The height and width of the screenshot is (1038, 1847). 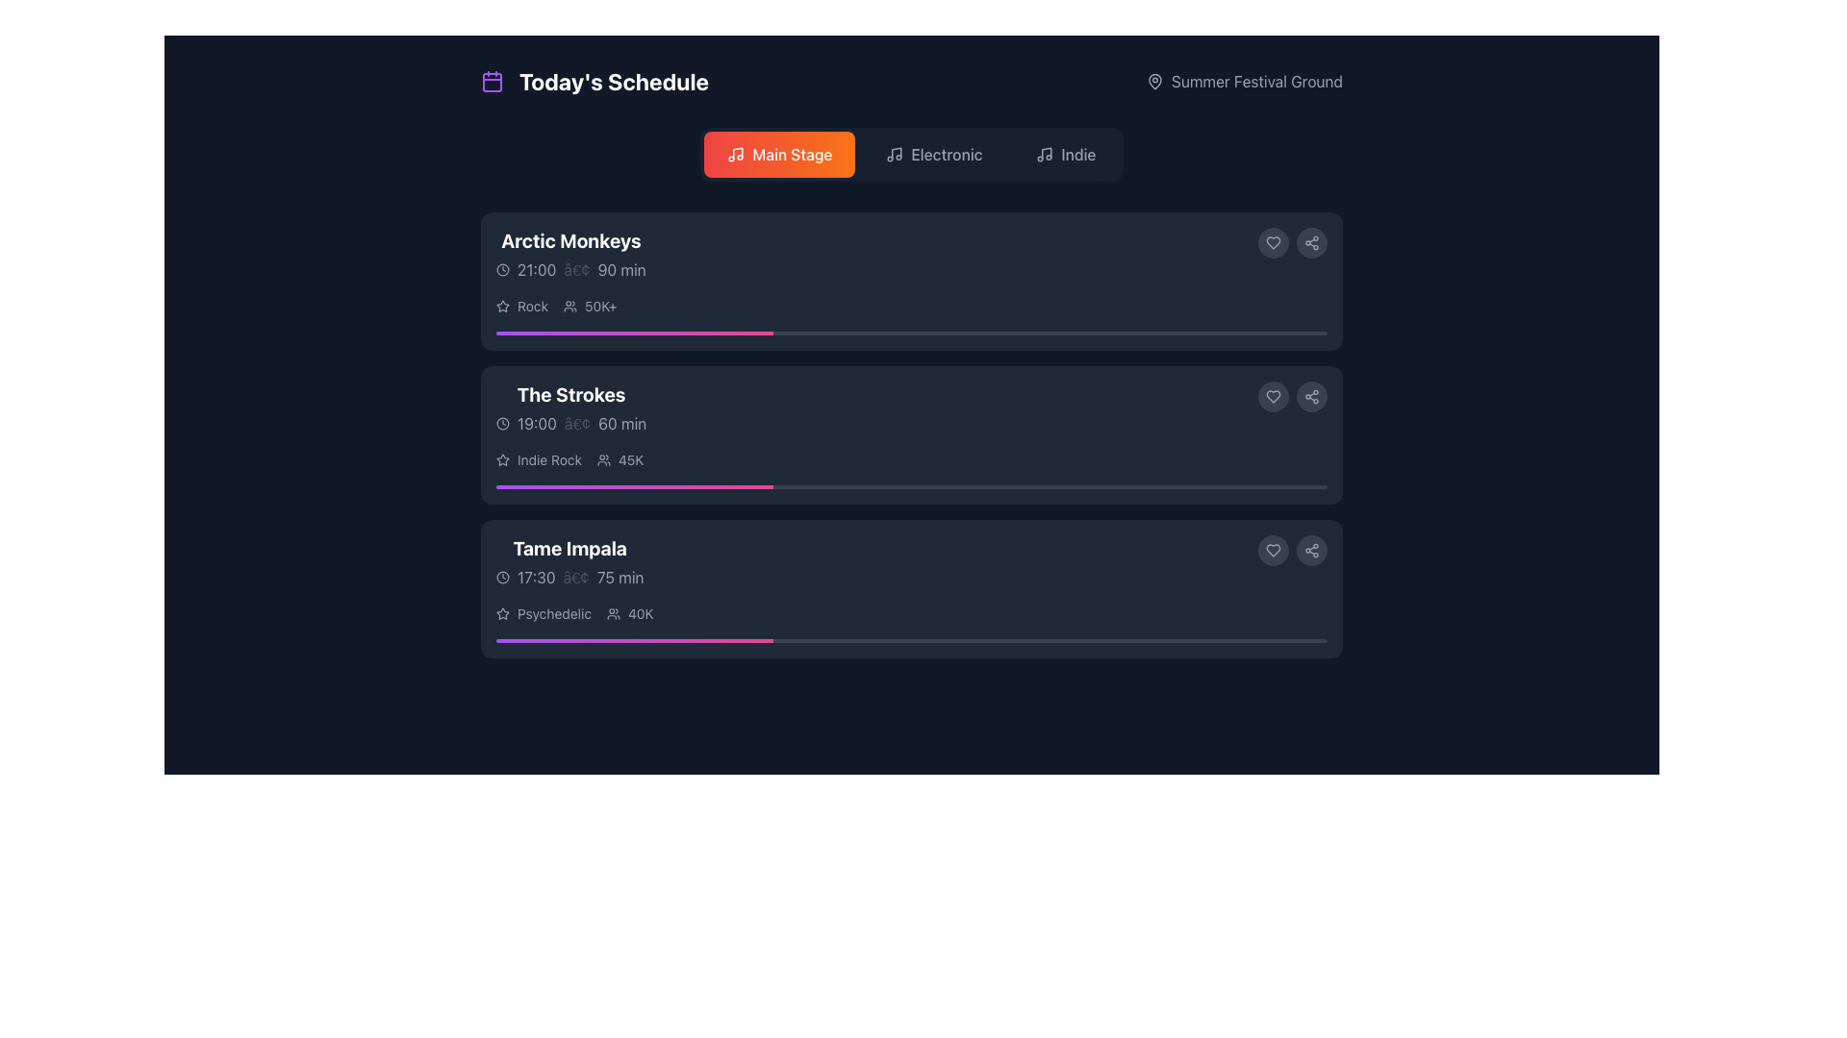 I want to click on the round clock icon located at the beginning of the horizontal arrangement aligned with the text '19:00' for informational purposes, so click(x=503, y=422).